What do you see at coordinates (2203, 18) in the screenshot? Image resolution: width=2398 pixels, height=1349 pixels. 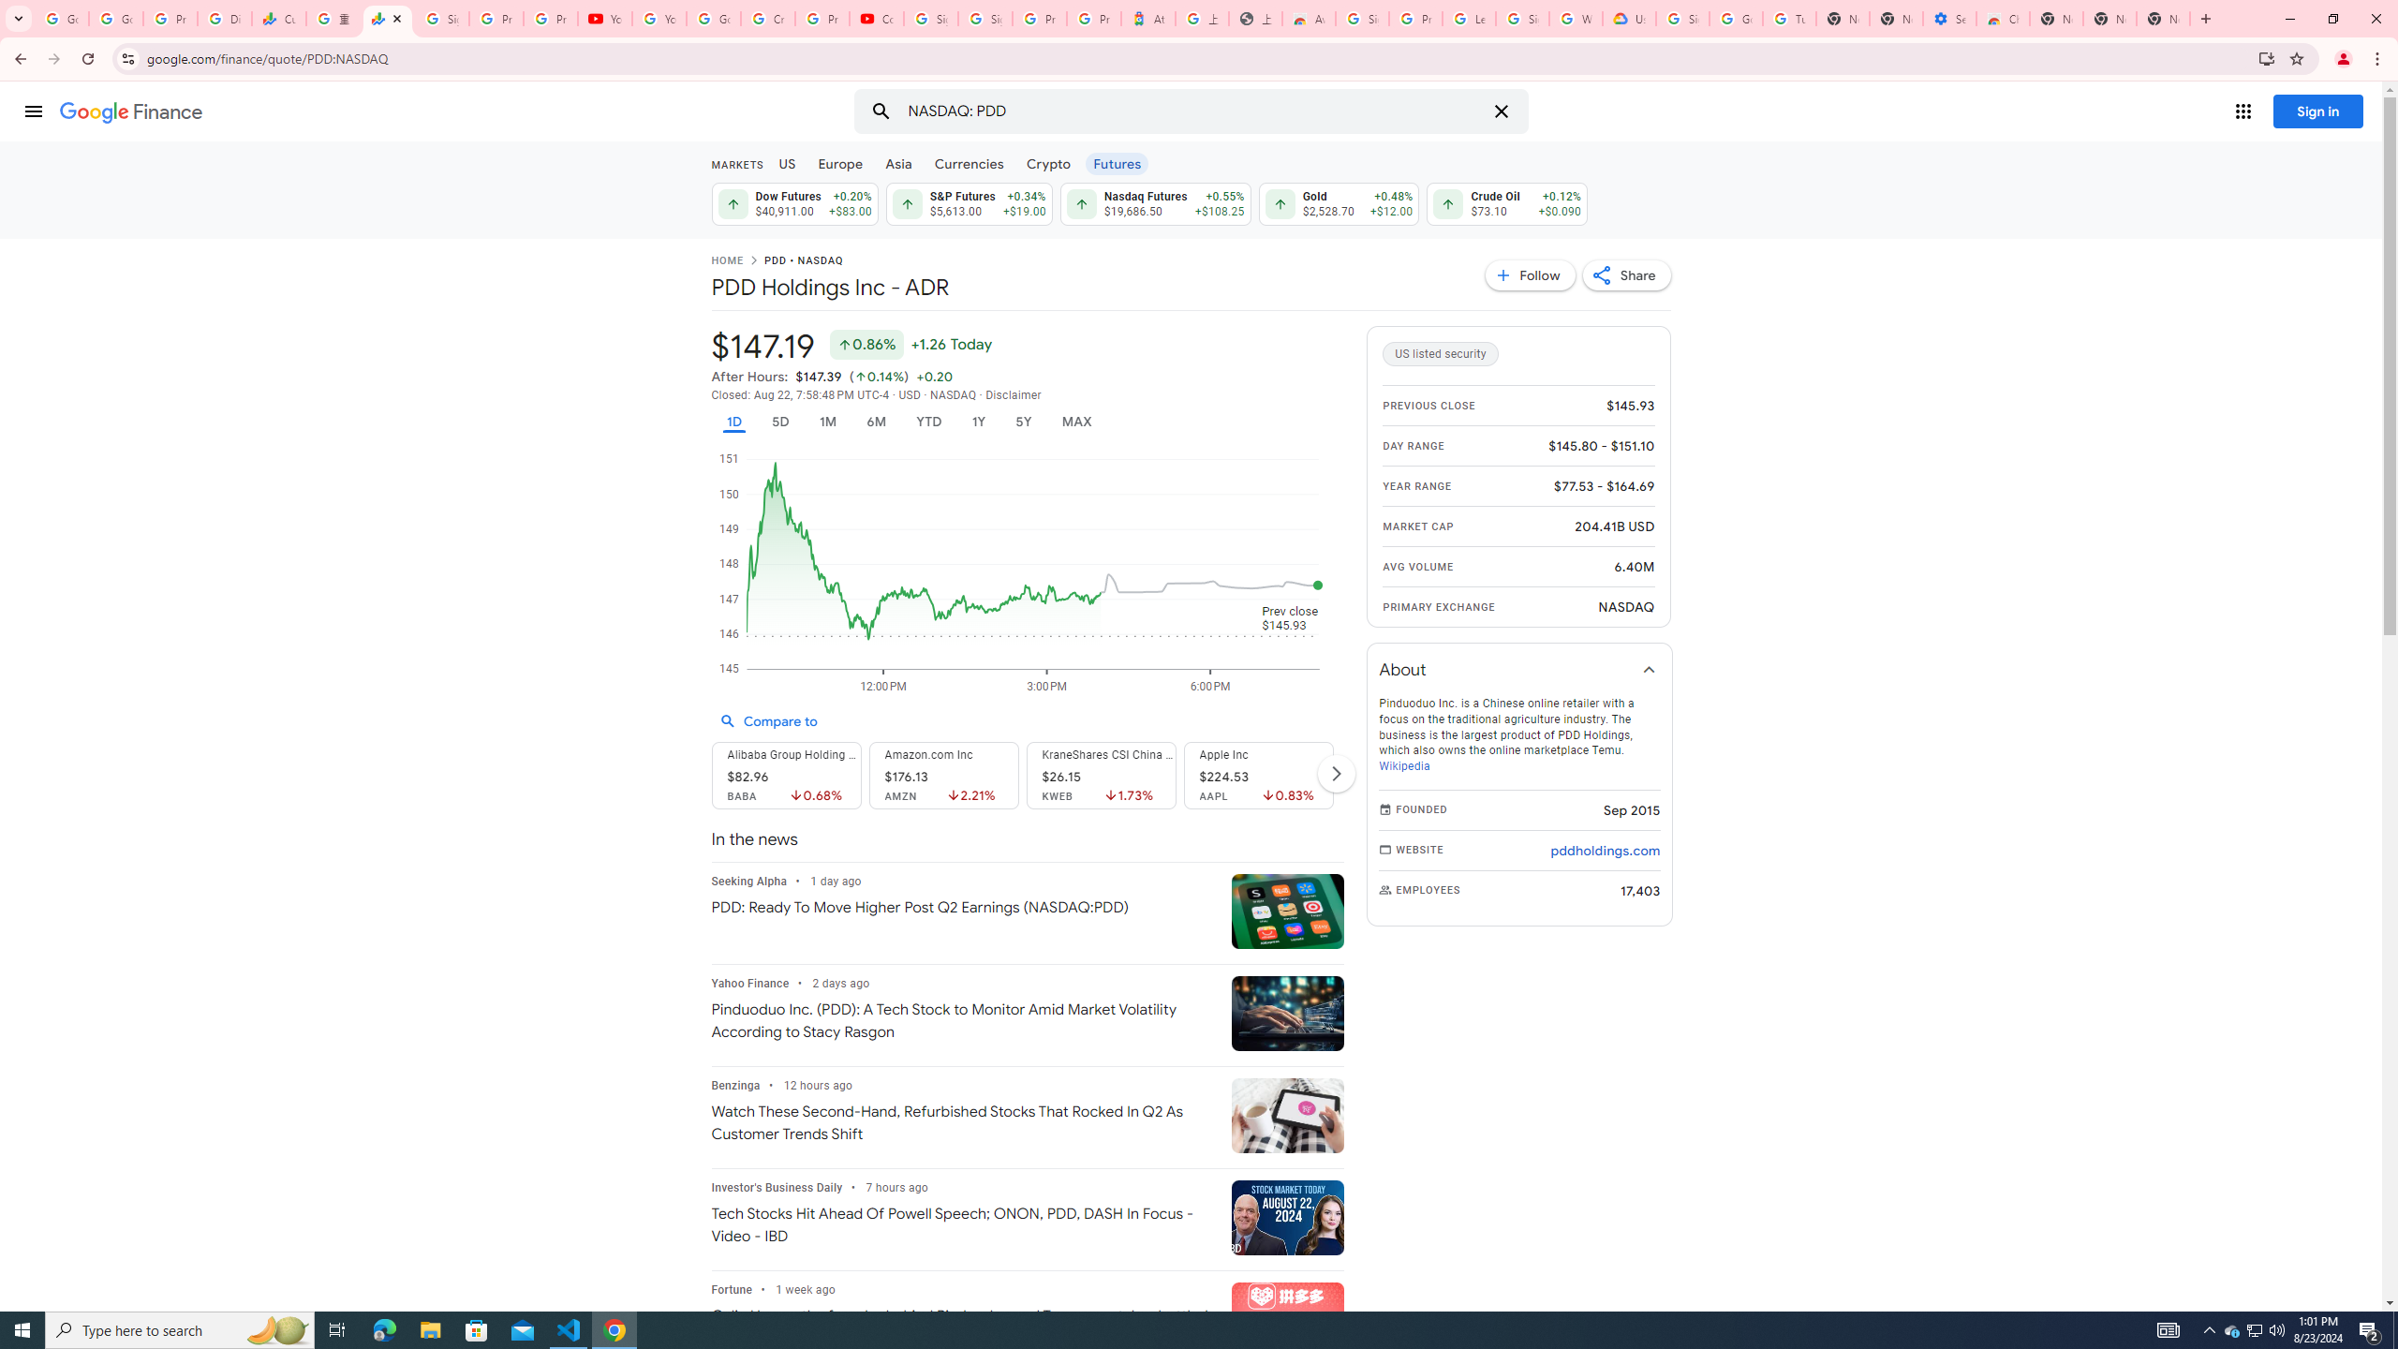 I see `'New Tab'` at bounding box center [2203, 18].